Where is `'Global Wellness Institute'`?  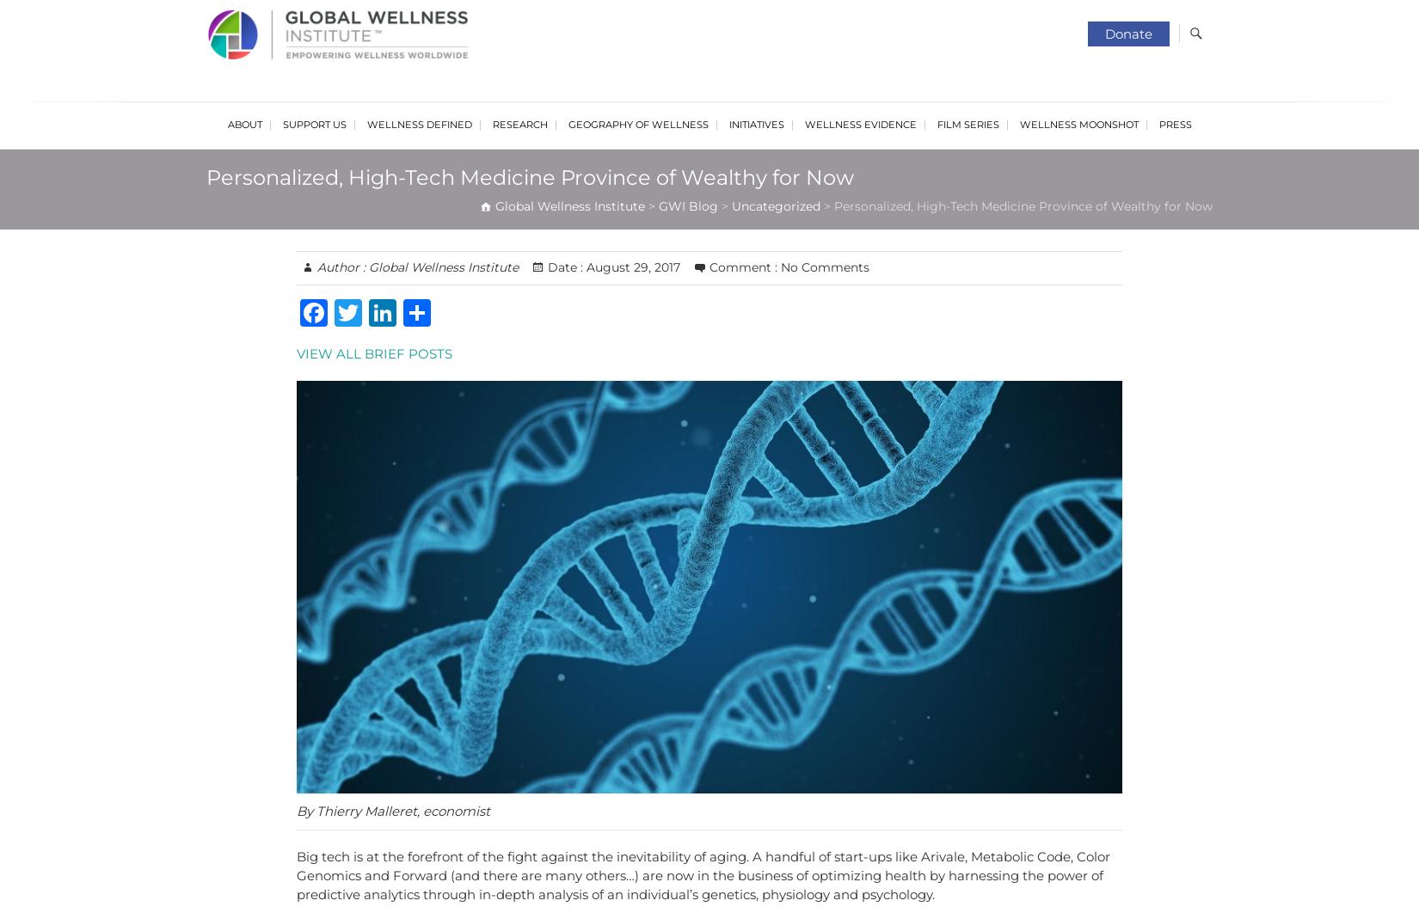
'Global Wellness Institute' is located at coordinates (440, 266).